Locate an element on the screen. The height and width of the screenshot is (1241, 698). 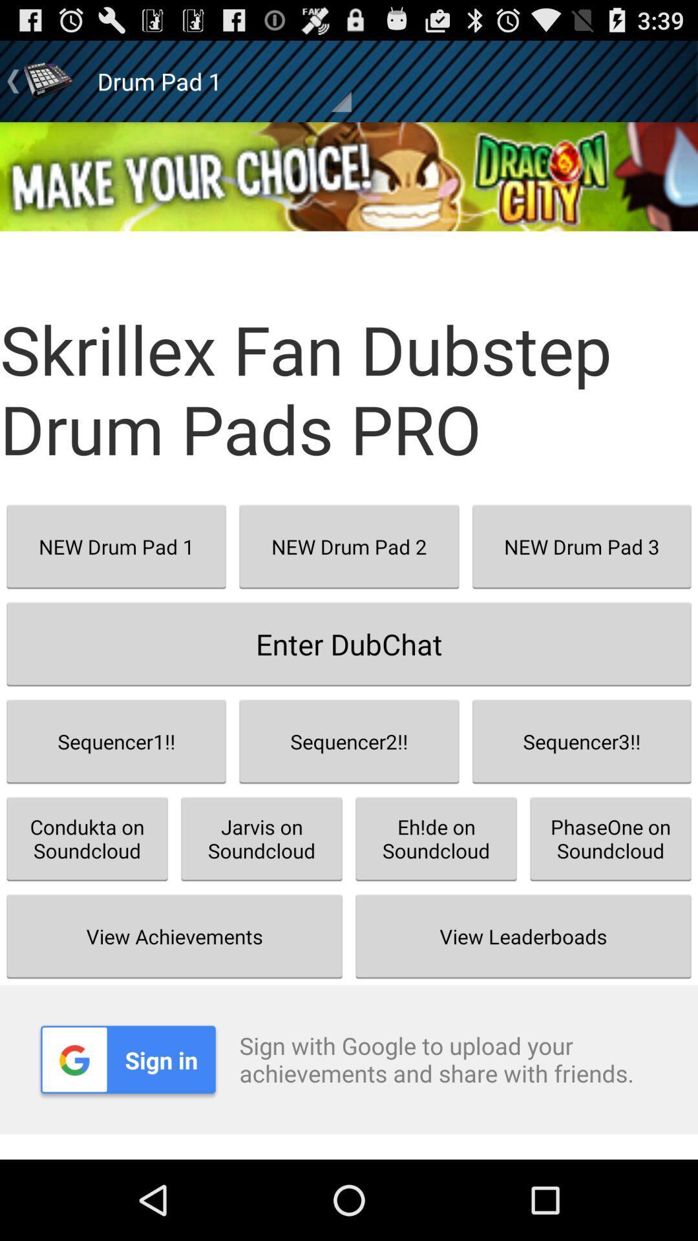
button below the jarvis on soundcloud item is located at coordinates (523, 936).